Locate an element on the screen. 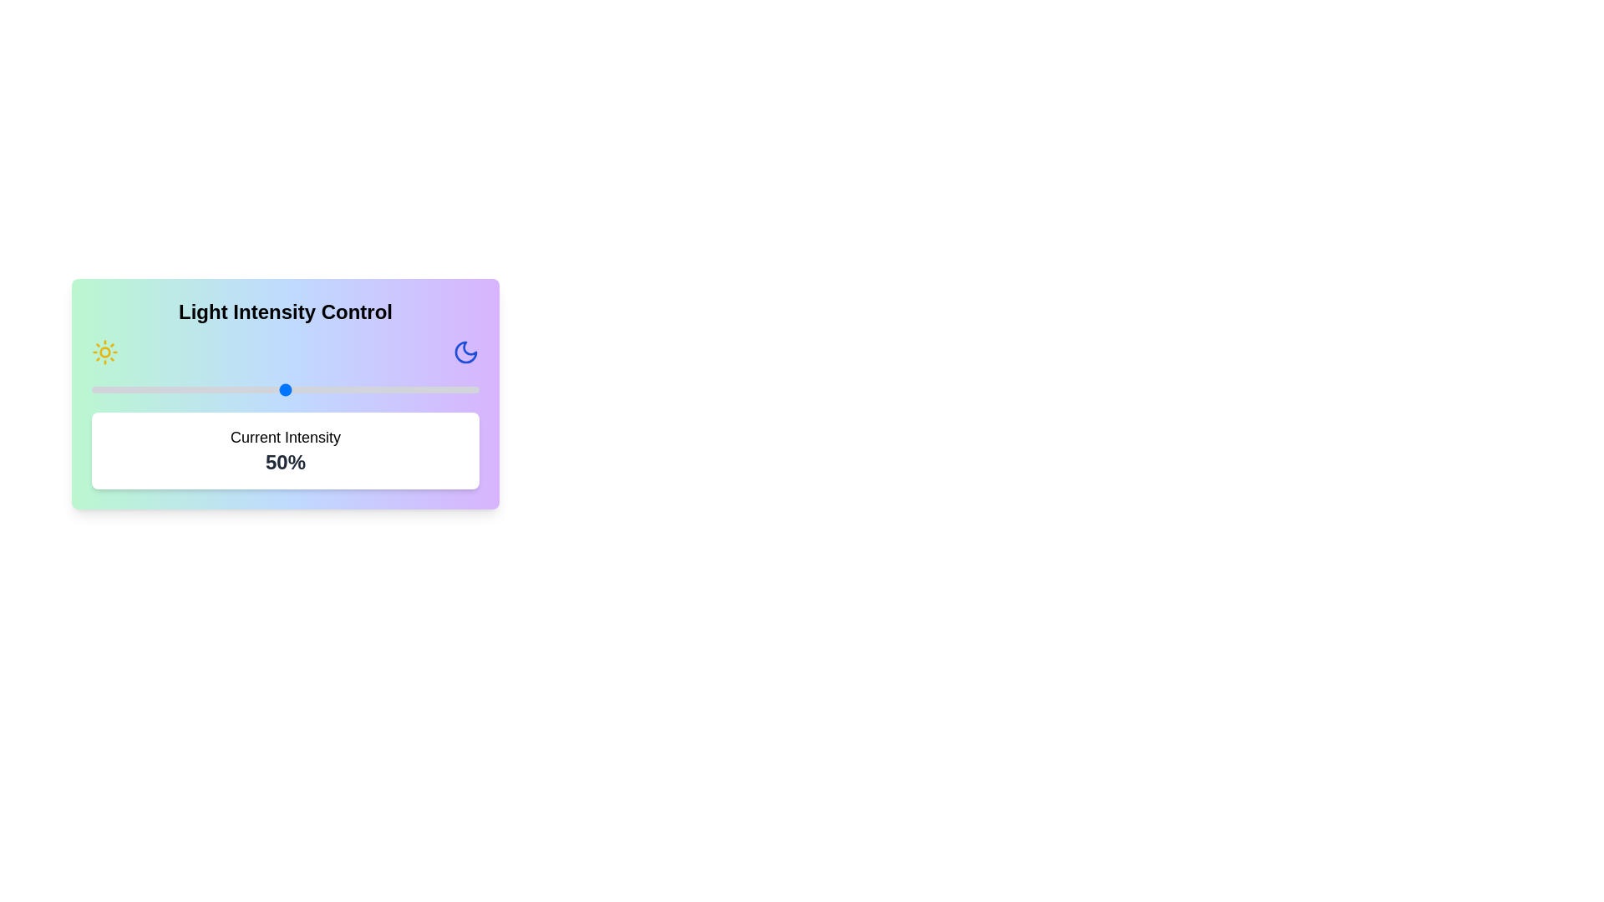  the light intensity is located at coordinates (207, 389).